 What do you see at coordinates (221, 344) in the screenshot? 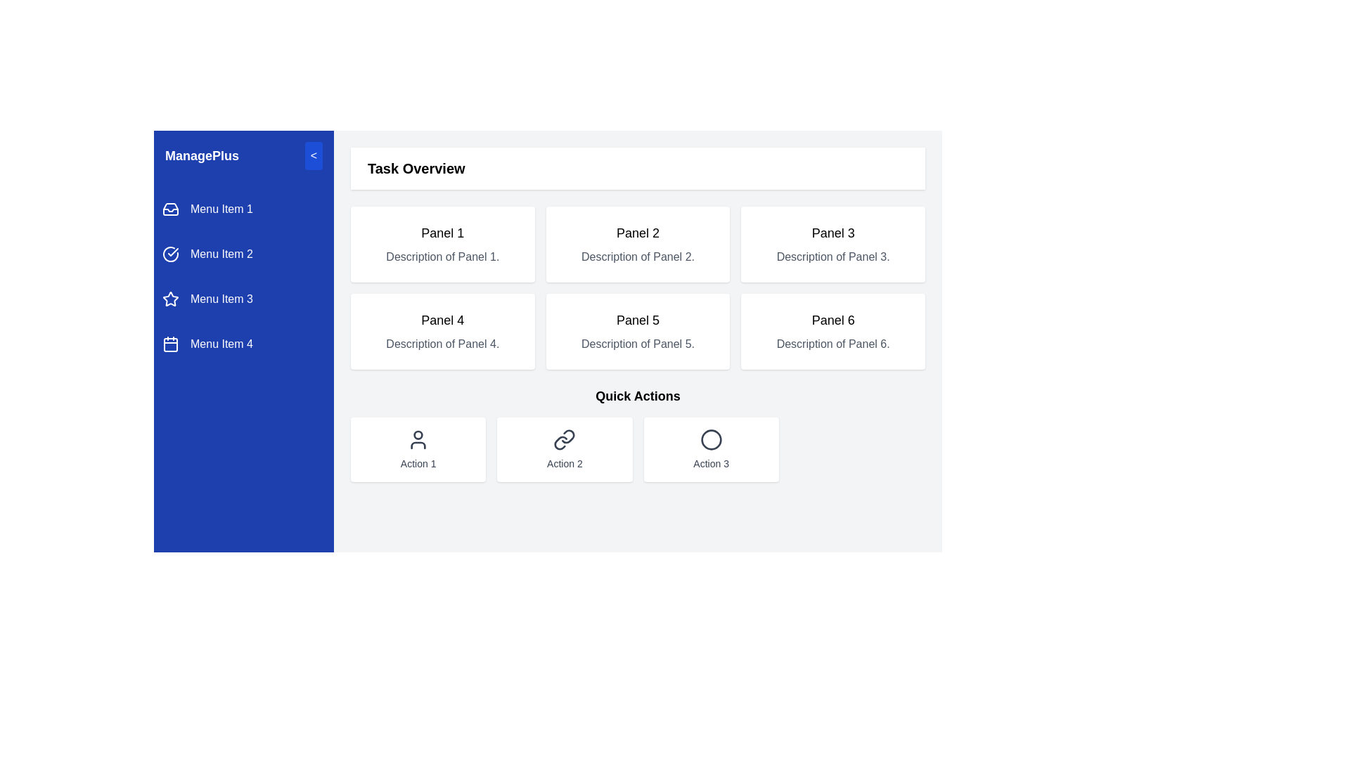
I see `the 'Menu Item 4' navigational button in the vertical list of menu items on the left-hand sidebar` at bounding box center [221, 344].